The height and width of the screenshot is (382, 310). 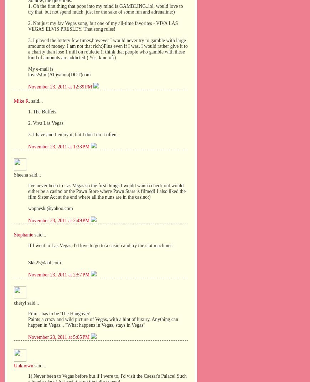 I want to click on 'November 23, 2011 at 2:57 PM', so click(x=59, y=274).